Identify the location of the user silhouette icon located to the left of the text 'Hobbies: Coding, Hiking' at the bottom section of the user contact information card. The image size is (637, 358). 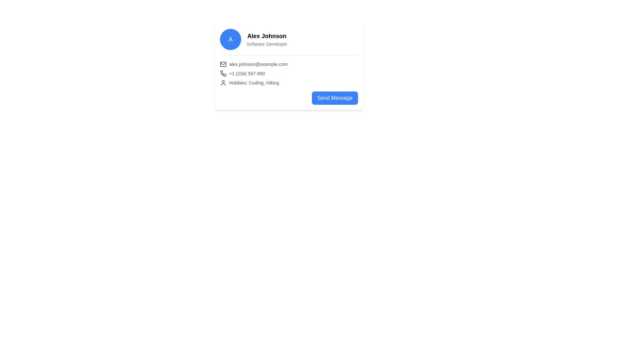
(223, 83).